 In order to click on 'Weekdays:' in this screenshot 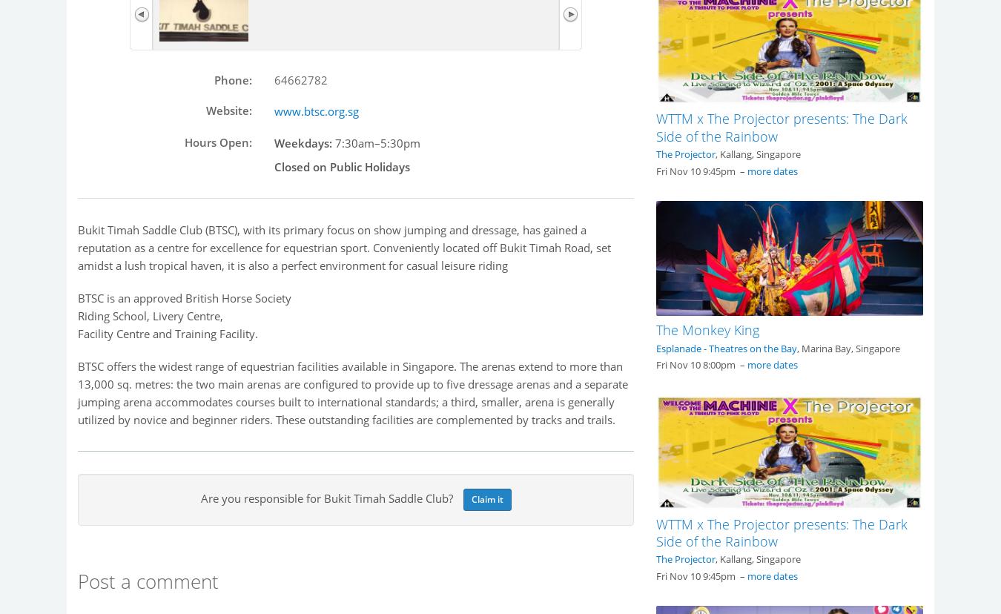, I will do `click(303, 142)`.